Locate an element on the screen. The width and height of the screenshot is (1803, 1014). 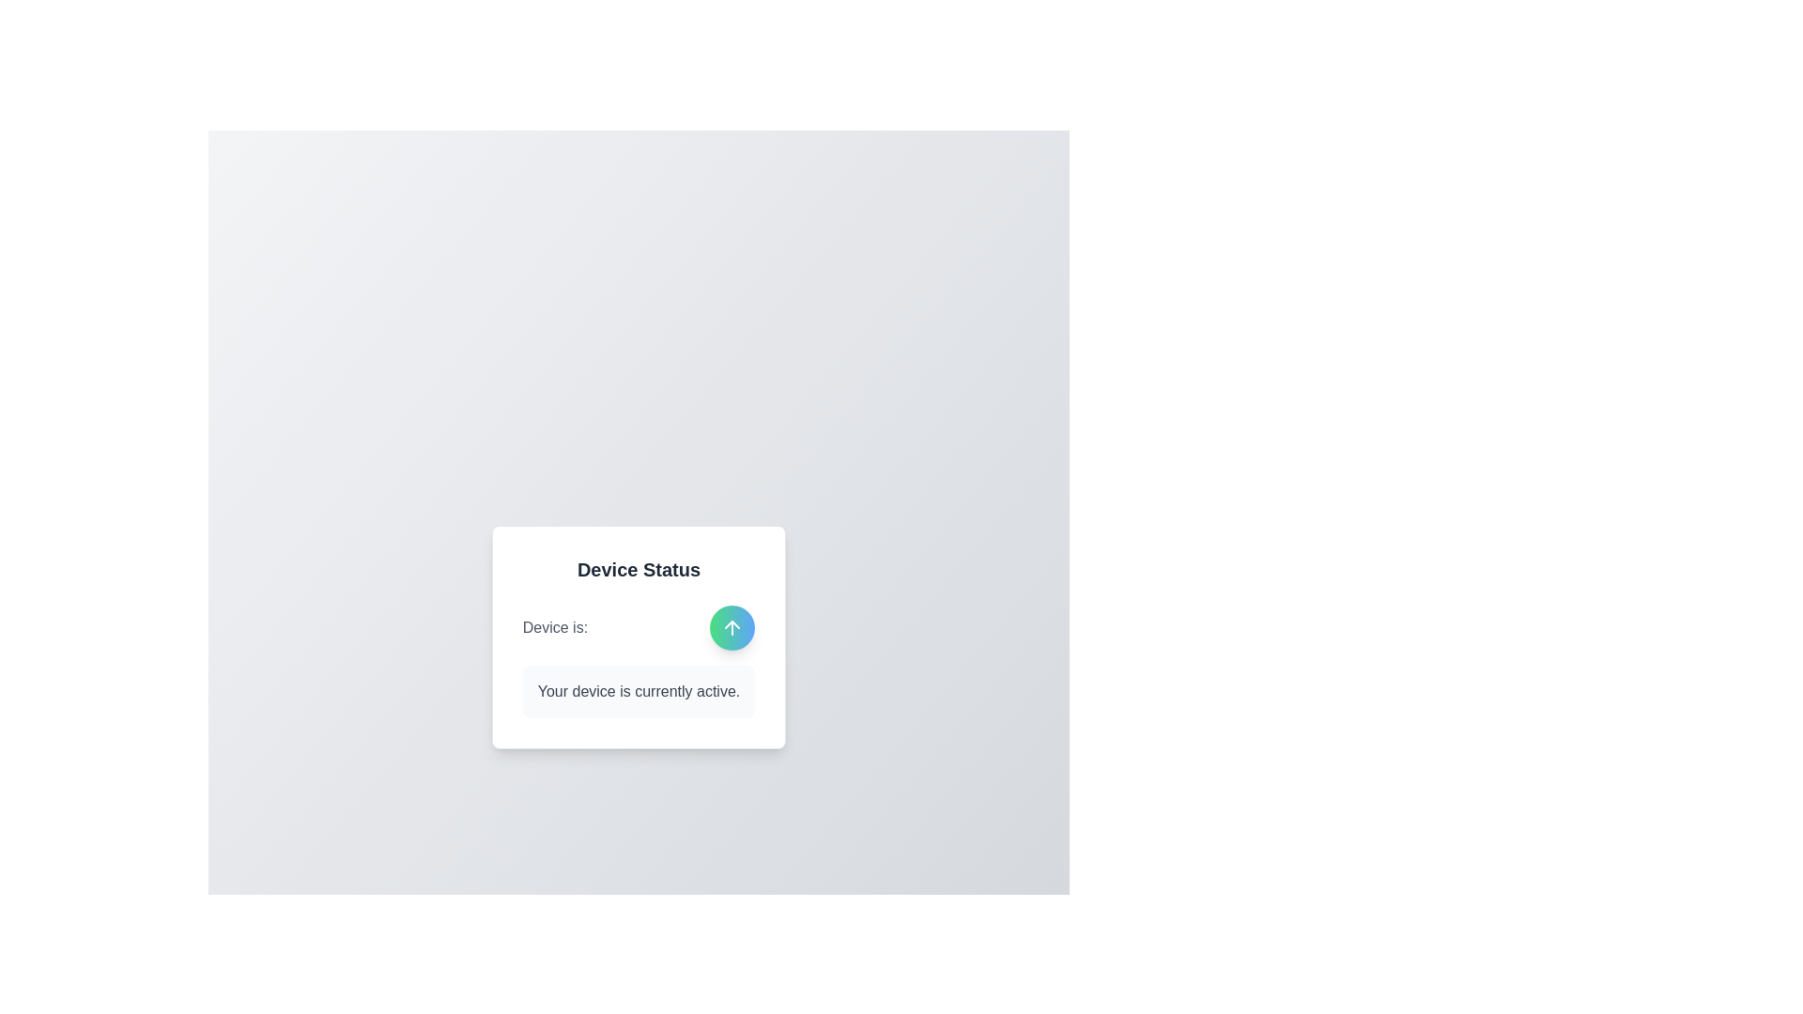
the circular gradient button with an upward-pointing arrow icon located to the far-right side of the layout next to the text labeled 'Device is:' is located at coordinates (732, 627).